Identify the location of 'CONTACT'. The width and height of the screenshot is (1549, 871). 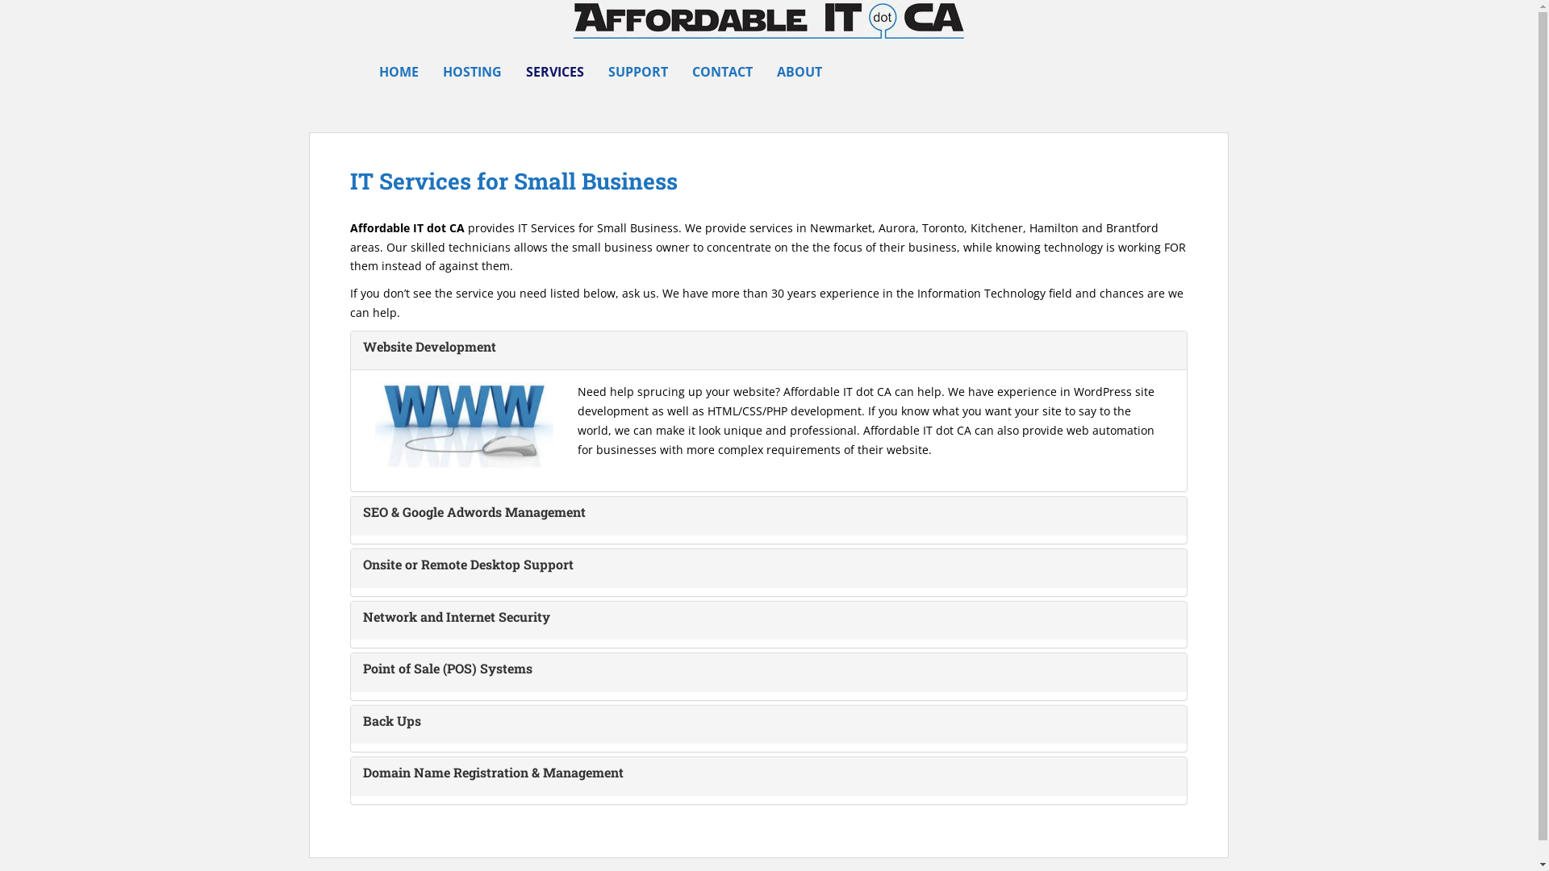
(721, 70).